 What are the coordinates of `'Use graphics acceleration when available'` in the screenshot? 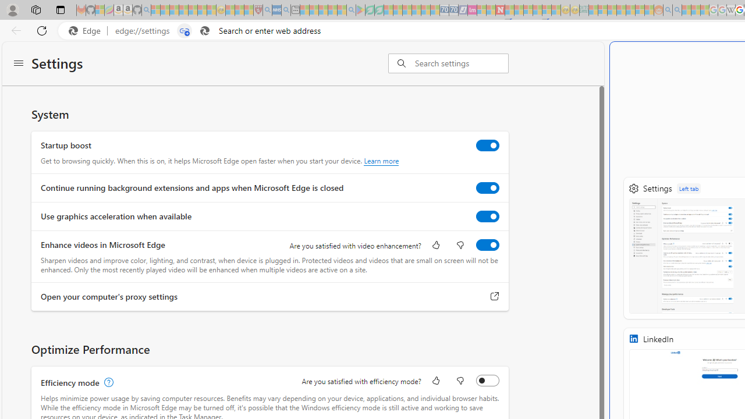 It's located at (487, 216).